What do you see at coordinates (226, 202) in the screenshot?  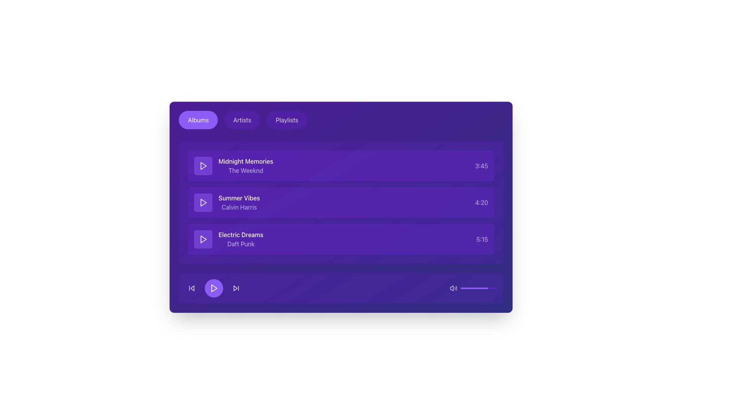 I see `the Text Information Display showing the song title 'Summer Vibes' and artist 'Calvin Harris'` at bounding box center [226, 202].